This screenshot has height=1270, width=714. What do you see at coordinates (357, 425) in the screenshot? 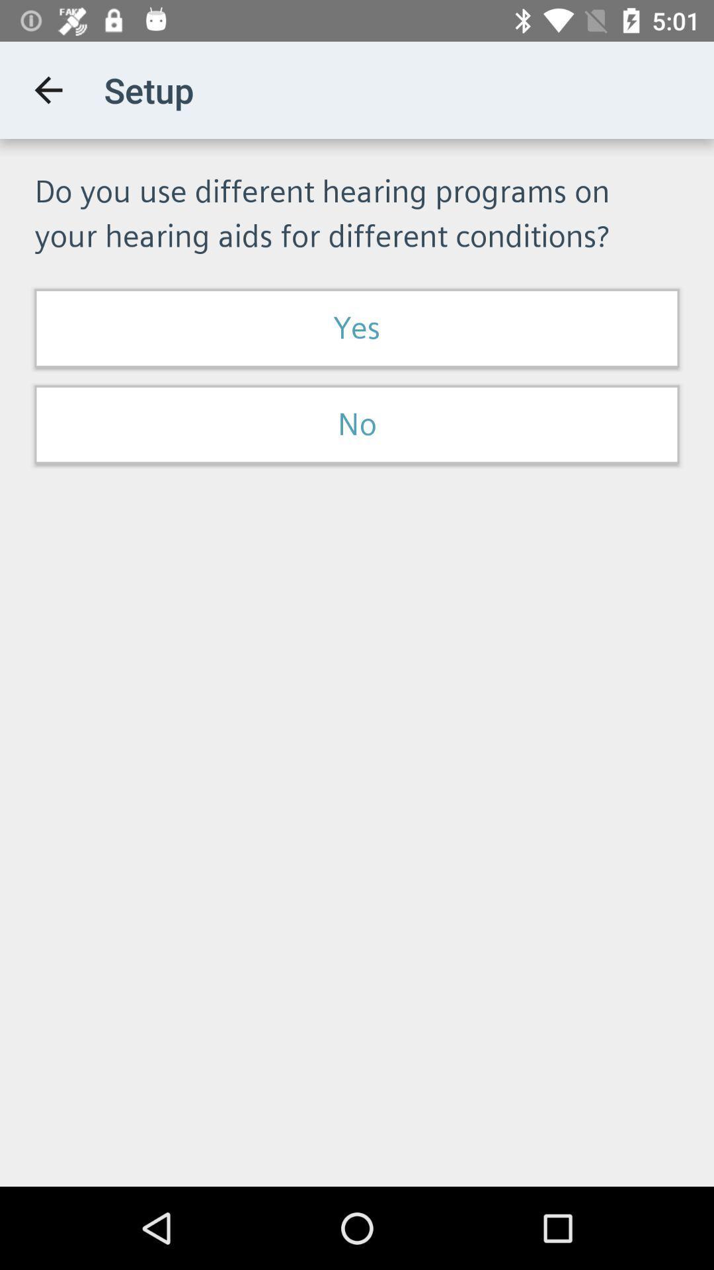
I see `the no` at bounding box center [357, 425].